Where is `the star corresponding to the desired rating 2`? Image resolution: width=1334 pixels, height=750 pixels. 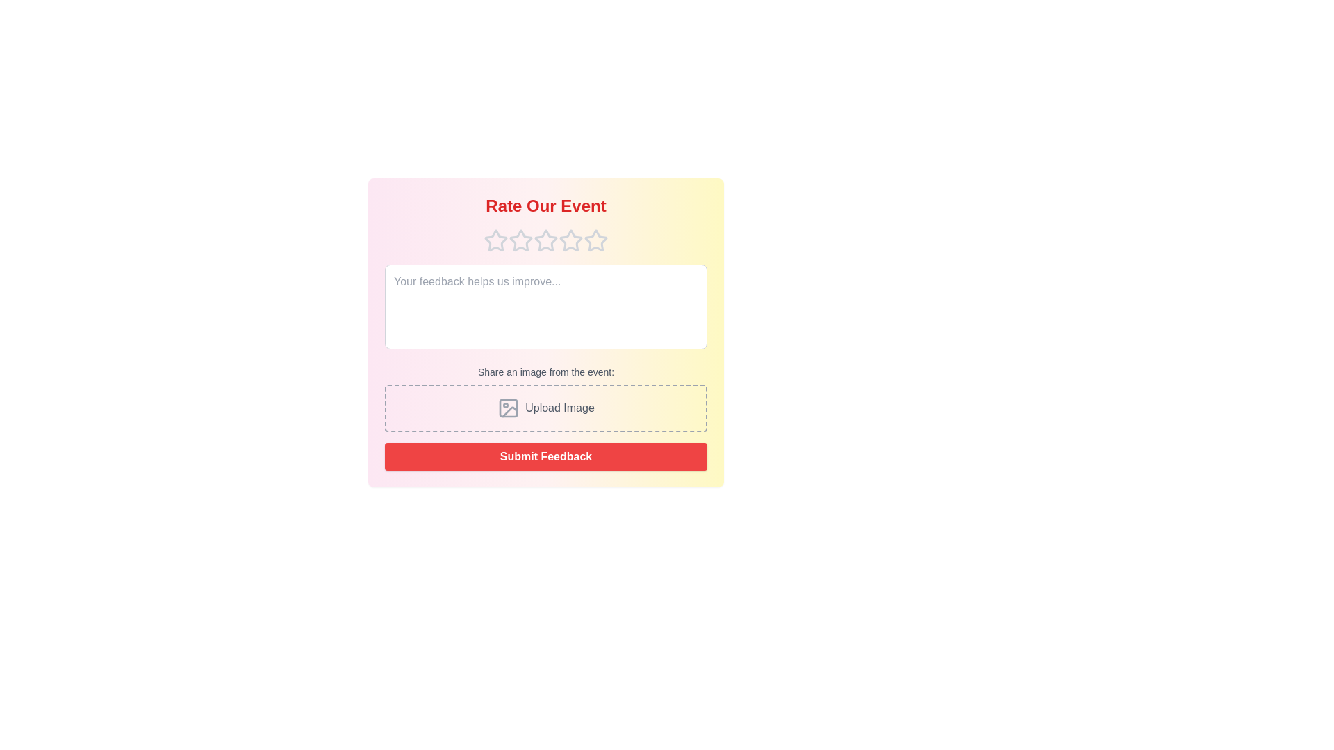 the star corresponding to the desired rating 2 is located at coordinates (520, 240).